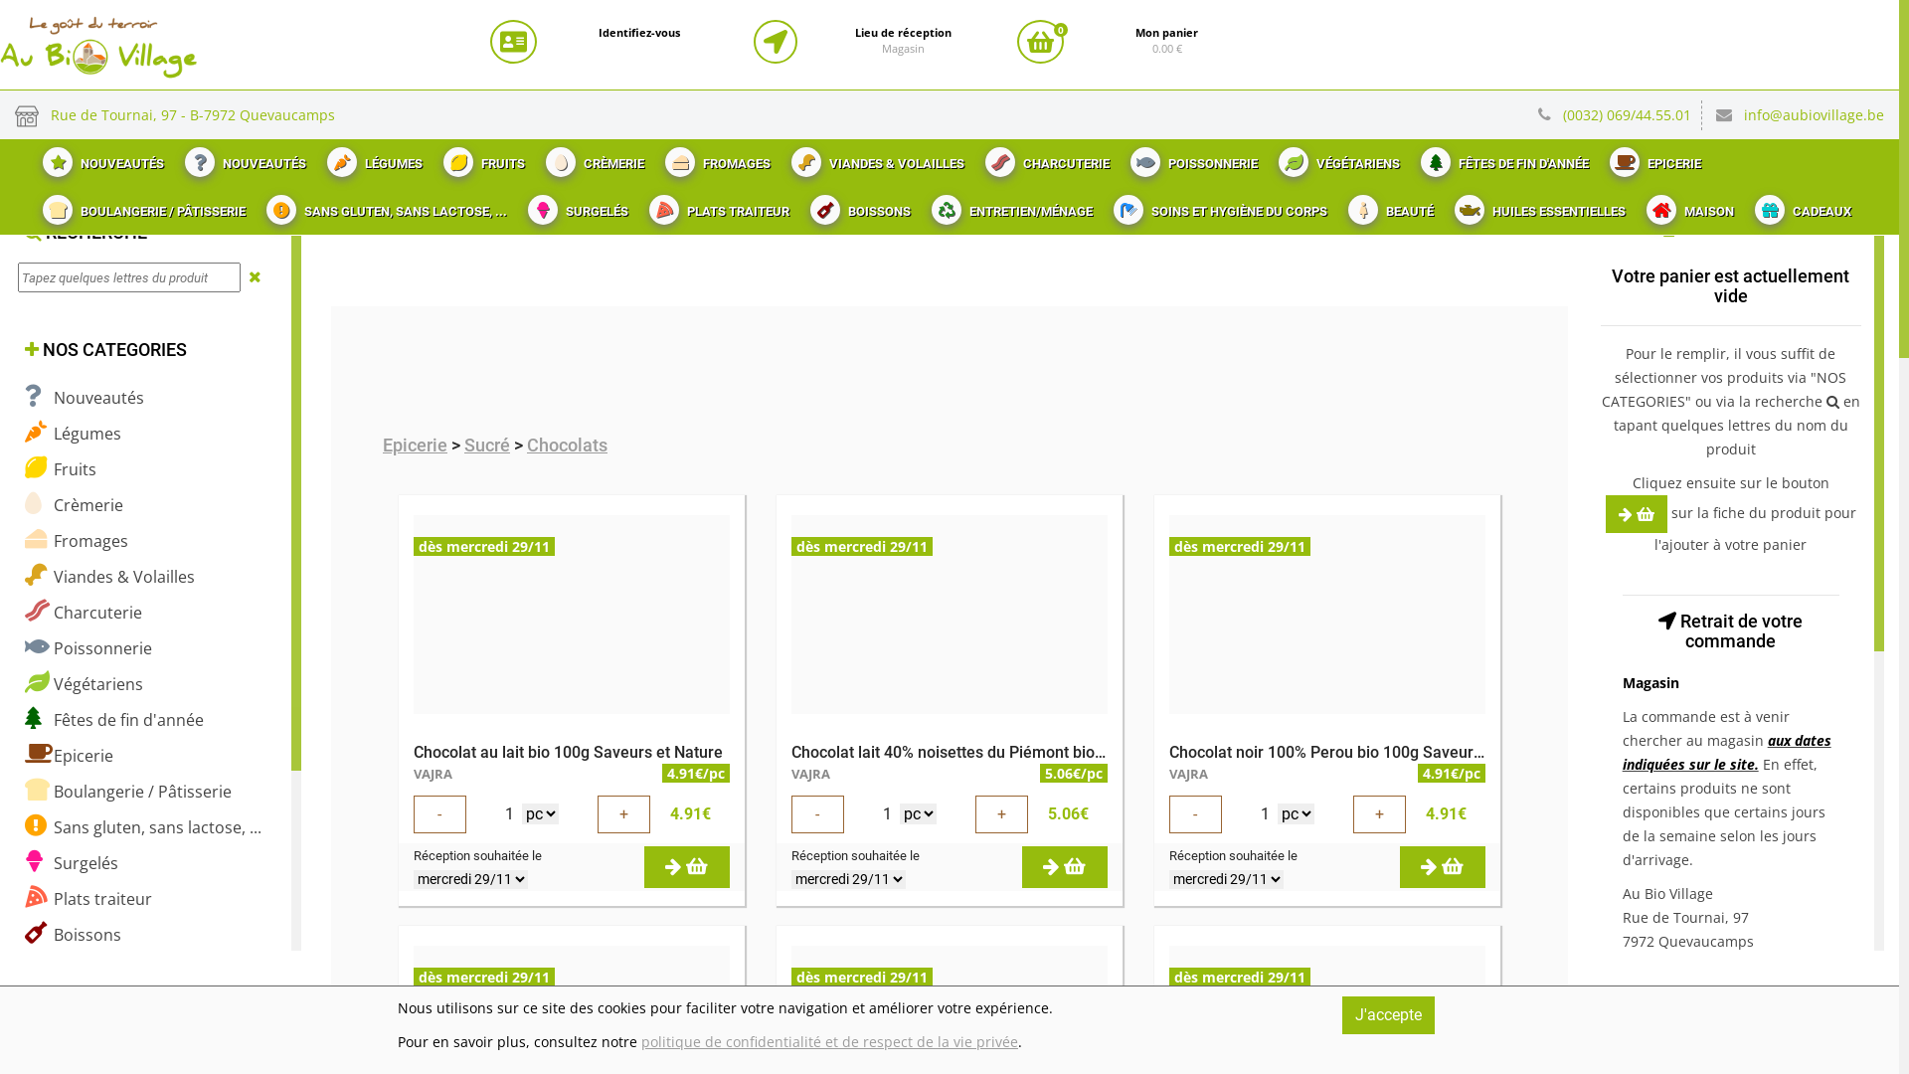  I want to click on 'Poissonnerie', so click(87, 647).